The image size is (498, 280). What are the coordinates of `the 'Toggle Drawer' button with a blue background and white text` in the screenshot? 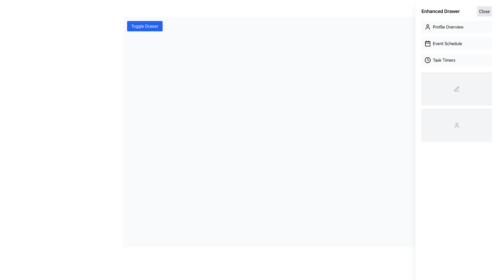 It's located at (145, 26).